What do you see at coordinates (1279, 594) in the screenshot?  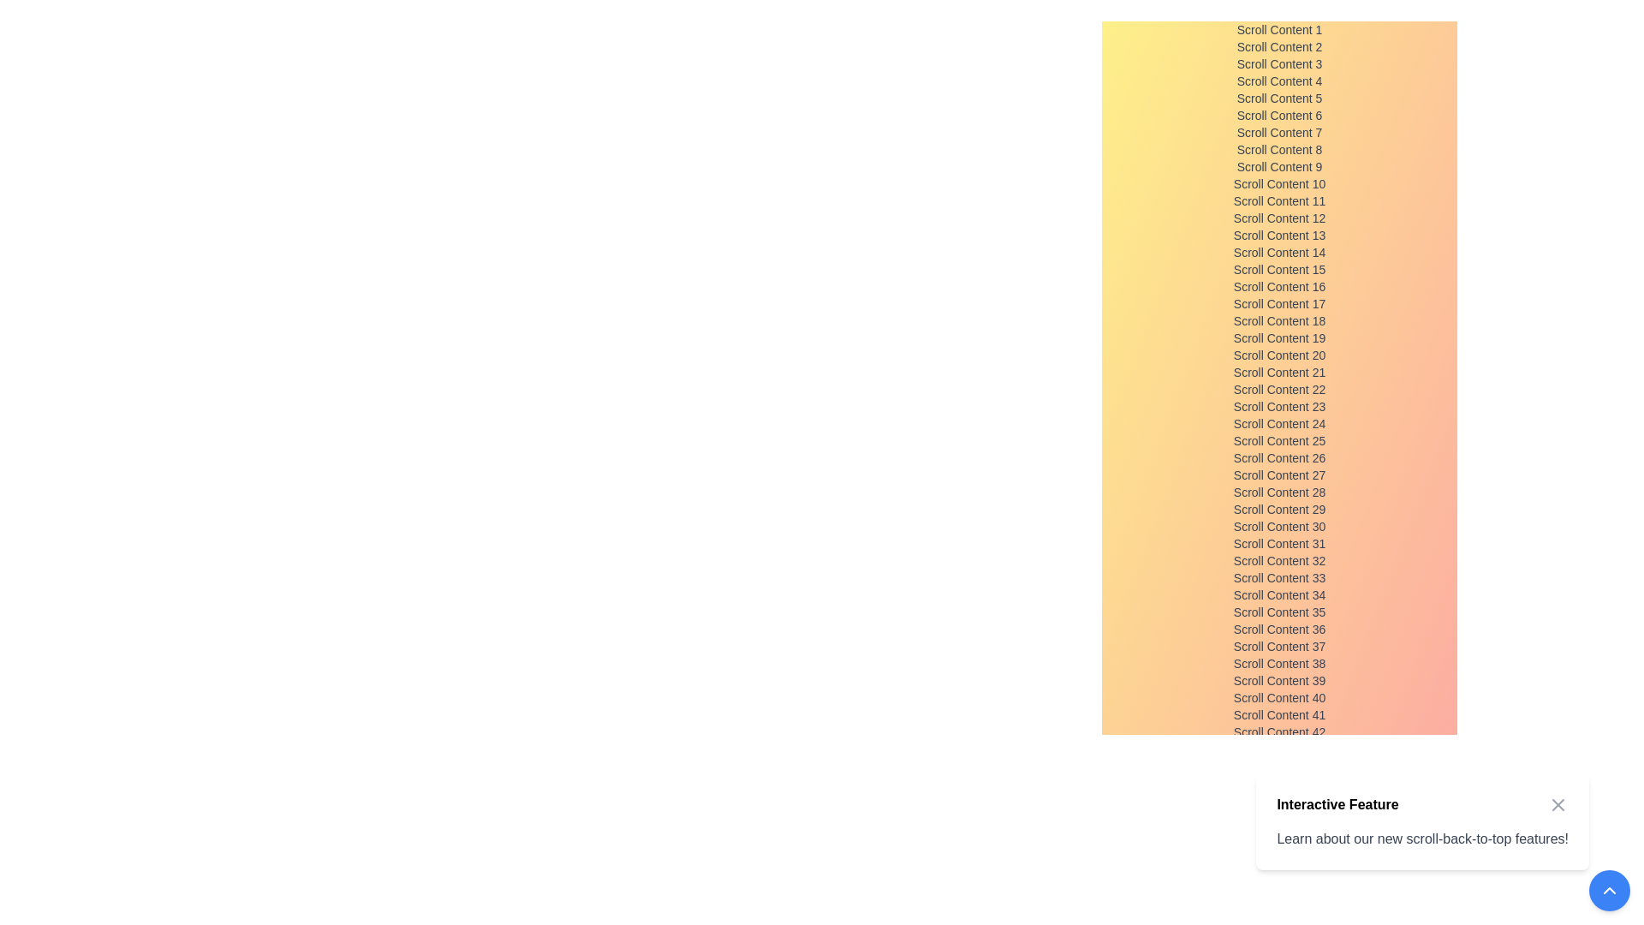 I see `the non-interactive Text label displaying 'Scroll Content 34', which is the 34th item in a vertical list sequence` at bounding box center [1279, 594].